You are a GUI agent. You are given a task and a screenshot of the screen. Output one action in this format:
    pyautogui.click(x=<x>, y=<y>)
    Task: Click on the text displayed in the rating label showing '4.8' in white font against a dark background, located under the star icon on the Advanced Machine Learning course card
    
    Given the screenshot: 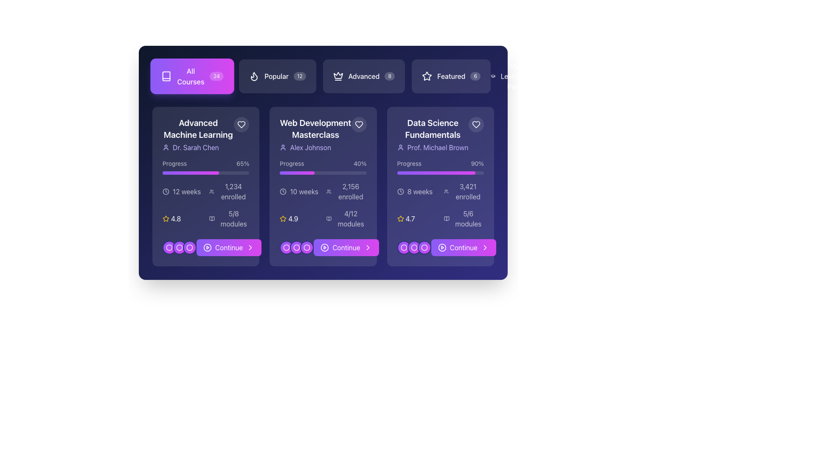 What is the action you would take?
    pyautogui.click(x=175, y=218)
    